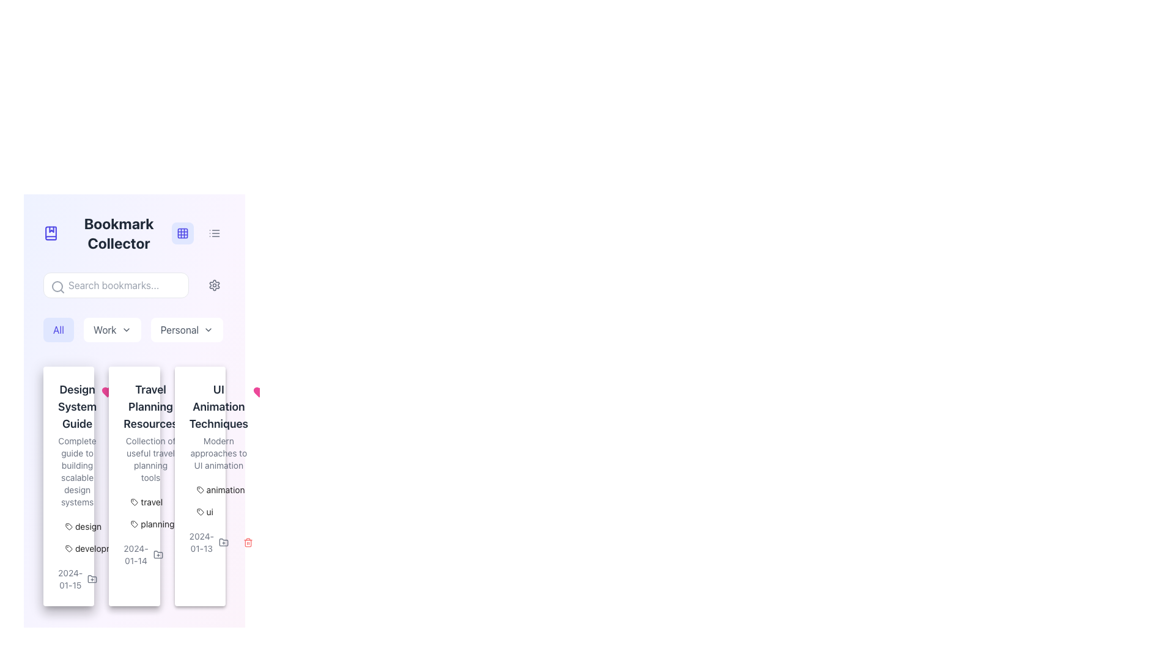 This screenshot has width=1174, height=660. What do you see at coordinates (126, 330) in the screenshot?
I see `the chevron icon next to the 'Work' button in the filter section of the 'Bookmark Collector' header` at bounding box center [126, 330].